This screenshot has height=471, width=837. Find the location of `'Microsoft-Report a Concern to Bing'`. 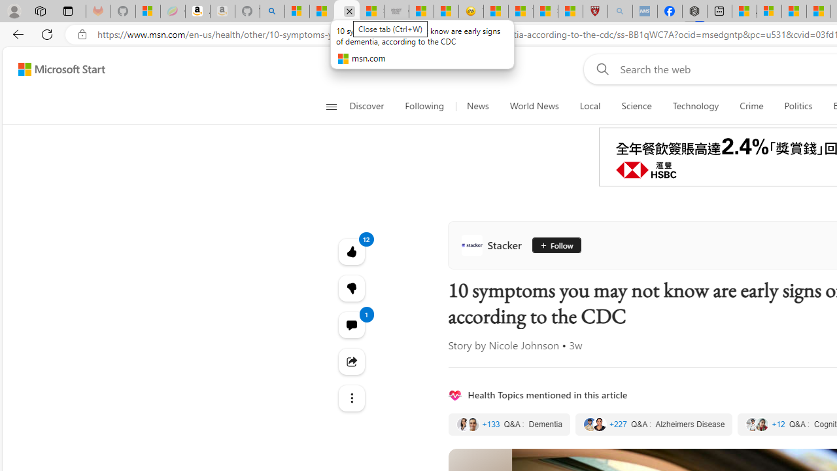

'Microsoft-Report a Concern to Bing' is located at coordinates (147, 11).